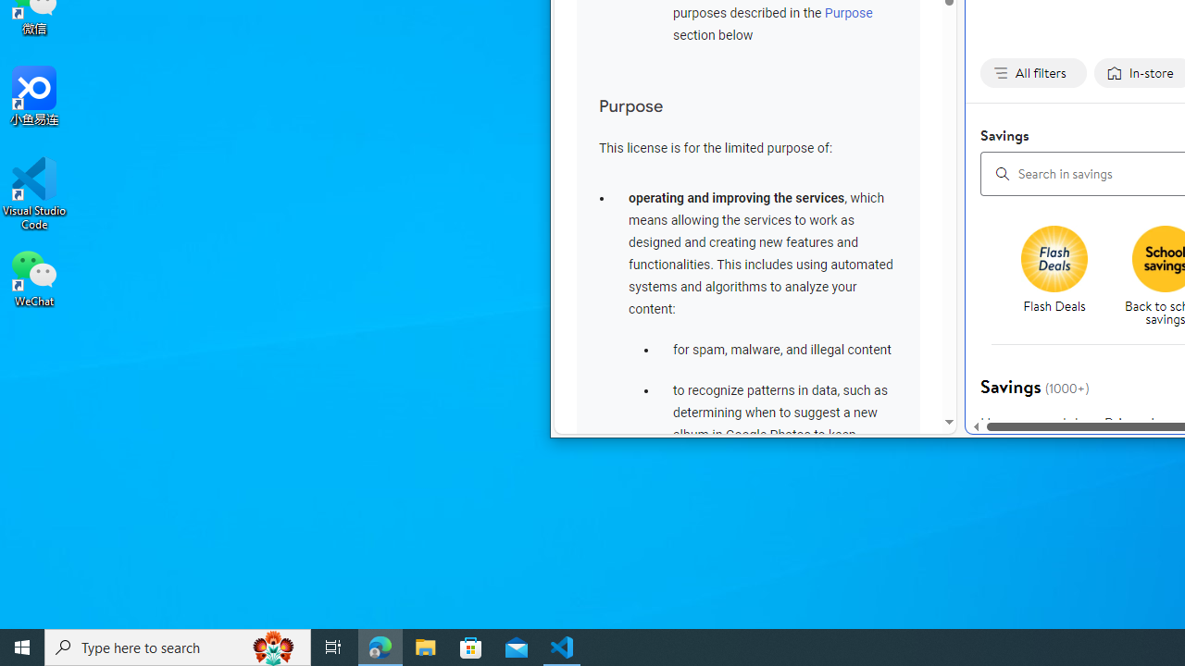 This screenshot has height=666, width=1185. I want to click on 'Flash deals Flash Deals', so click(1054, 271).